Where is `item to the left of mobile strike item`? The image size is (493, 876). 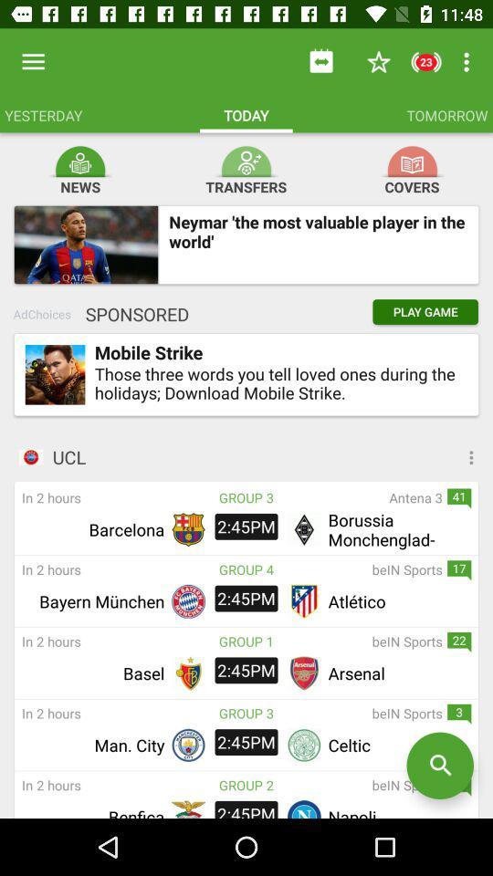 item to the left of mobile strike item is located at coordinates (55, 373).